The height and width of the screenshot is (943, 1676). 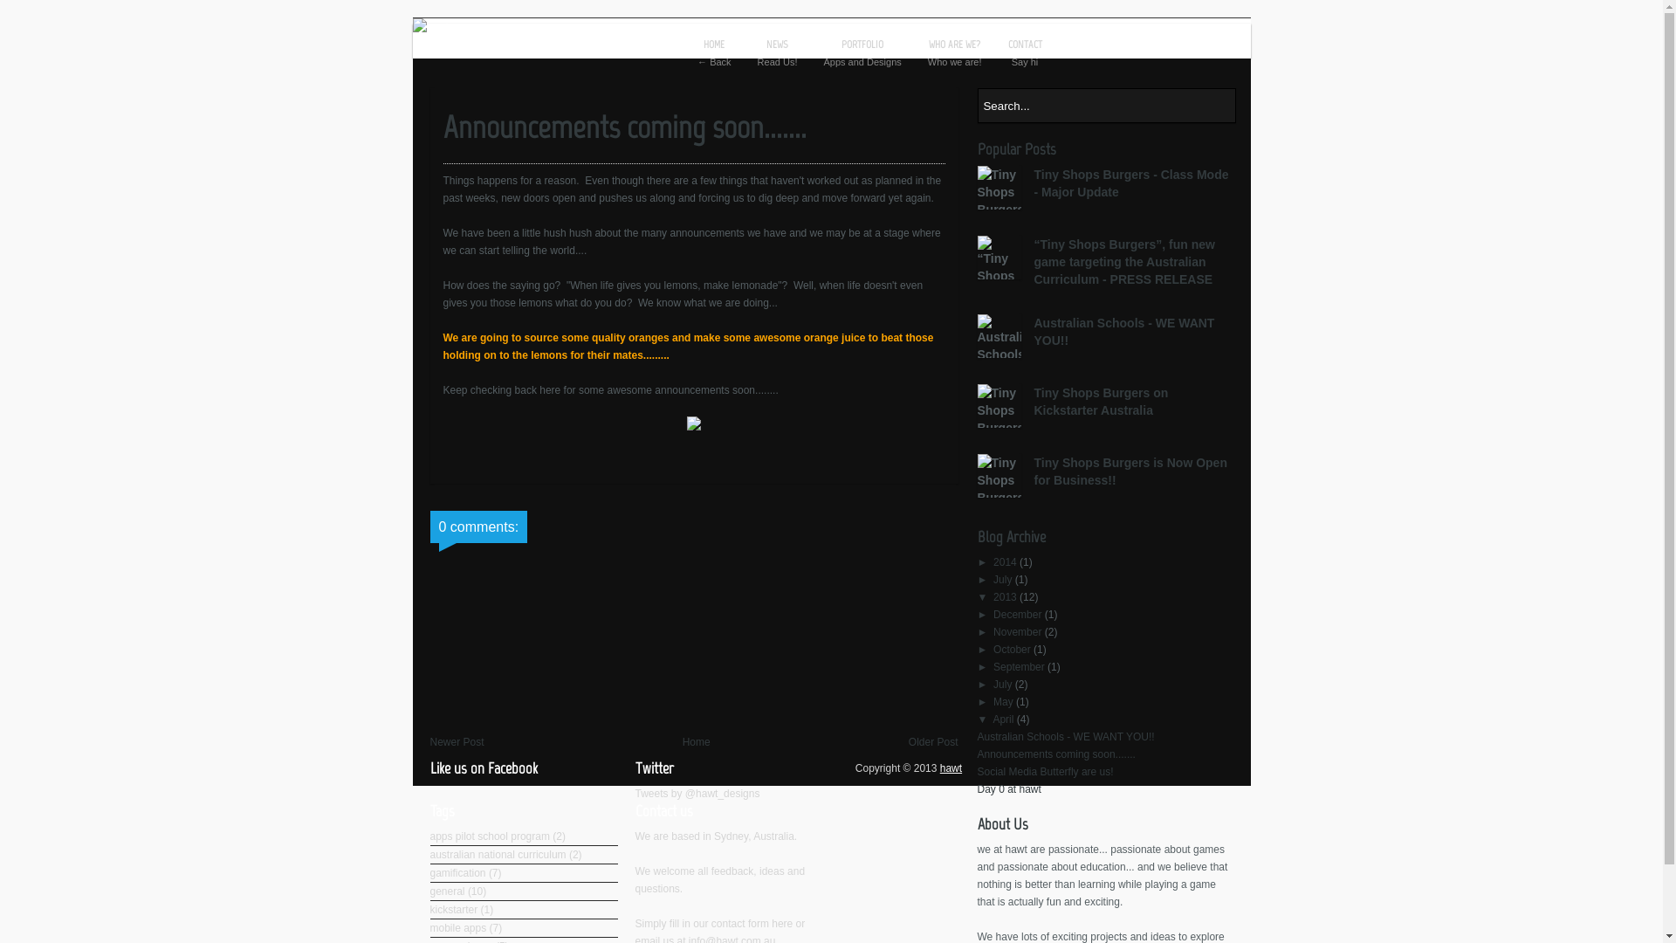 I want to click on 'Australian Schools - WE WANT YOU!!', so click(x=1065, y=737).